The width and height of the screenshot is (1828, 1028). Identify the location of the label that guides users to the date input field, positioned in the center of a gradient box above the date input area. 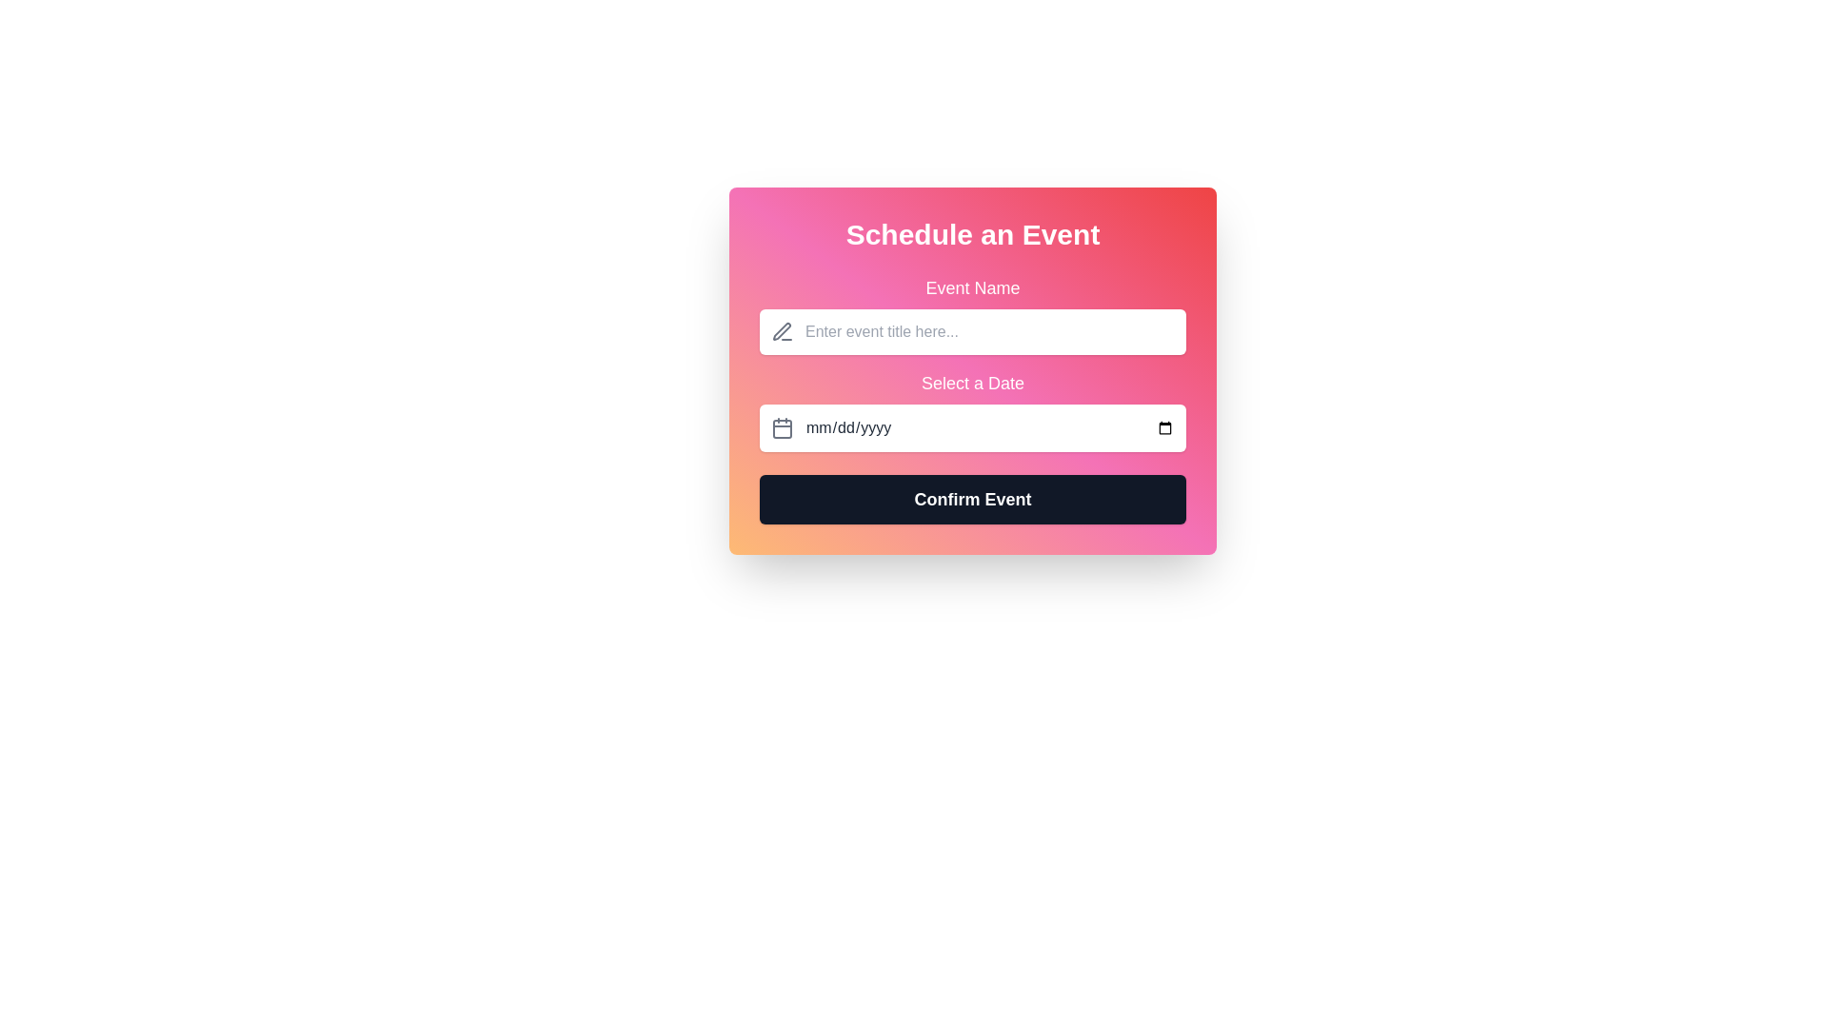
(973, 383).